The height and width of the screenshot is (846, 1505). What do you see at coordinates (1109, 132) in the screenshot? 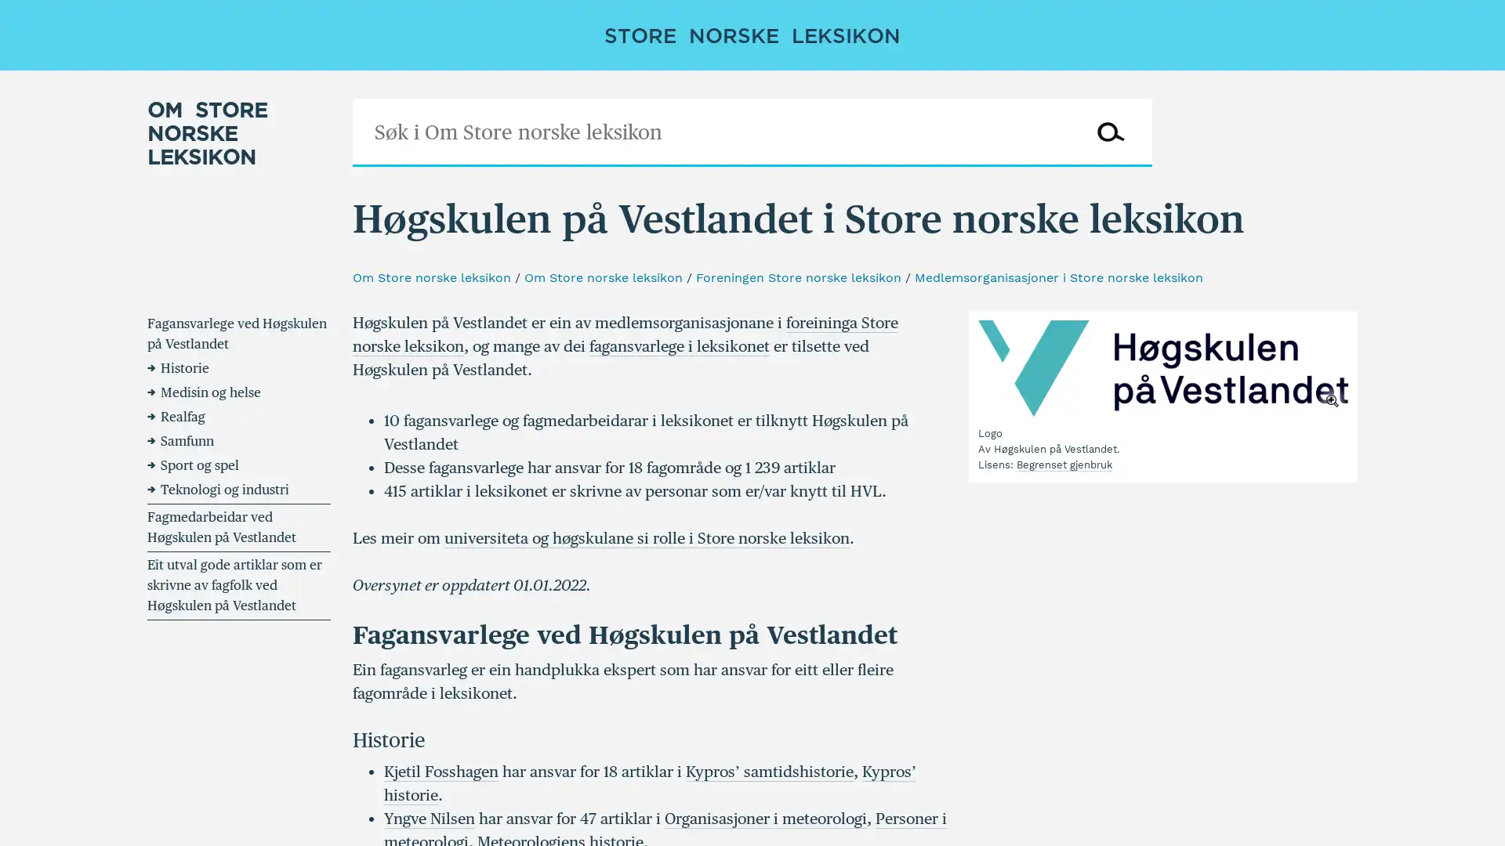
I see `Sk` at bounding box center [1109, 132].